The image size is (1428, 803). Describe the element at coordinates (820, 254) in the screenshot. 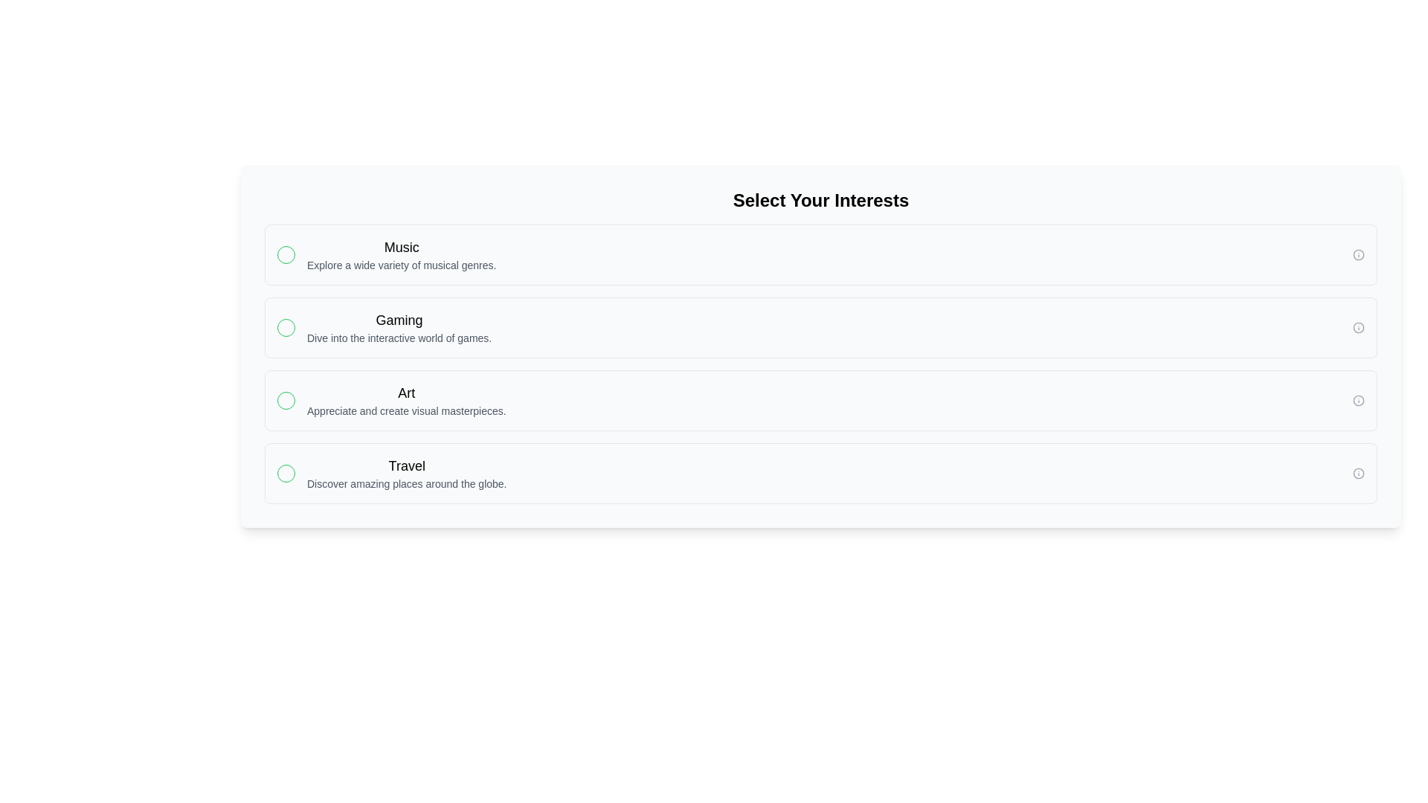

I see `the interest option Music to highlight it` at that location.